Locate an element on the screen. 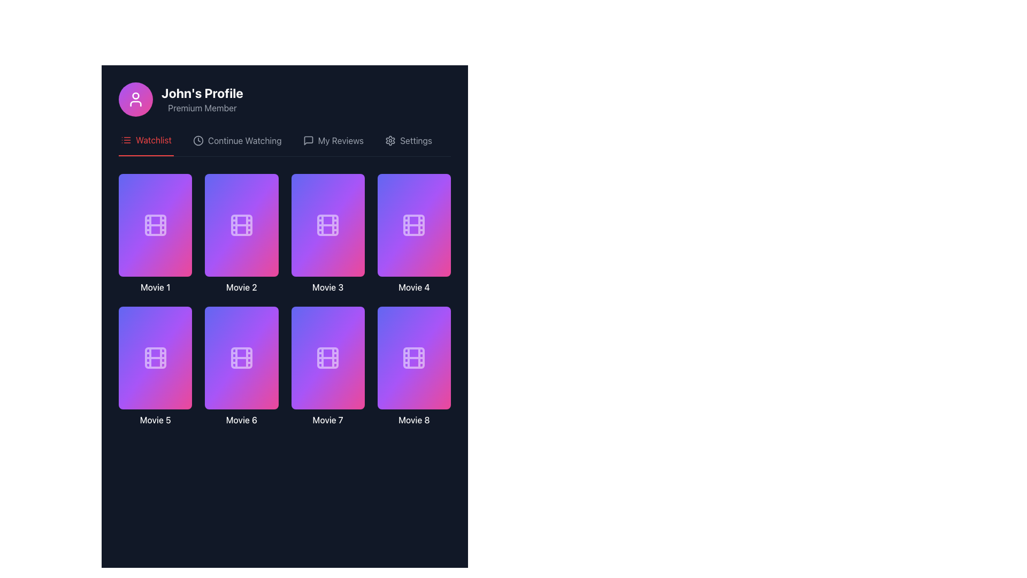 The image size is (1027, 578). the circular play button with a red background and a white play symbol, located in the eighth movie card labeled 'Movie 8' in the bottom-right corner of the grid is located at coordinates (413, 353).